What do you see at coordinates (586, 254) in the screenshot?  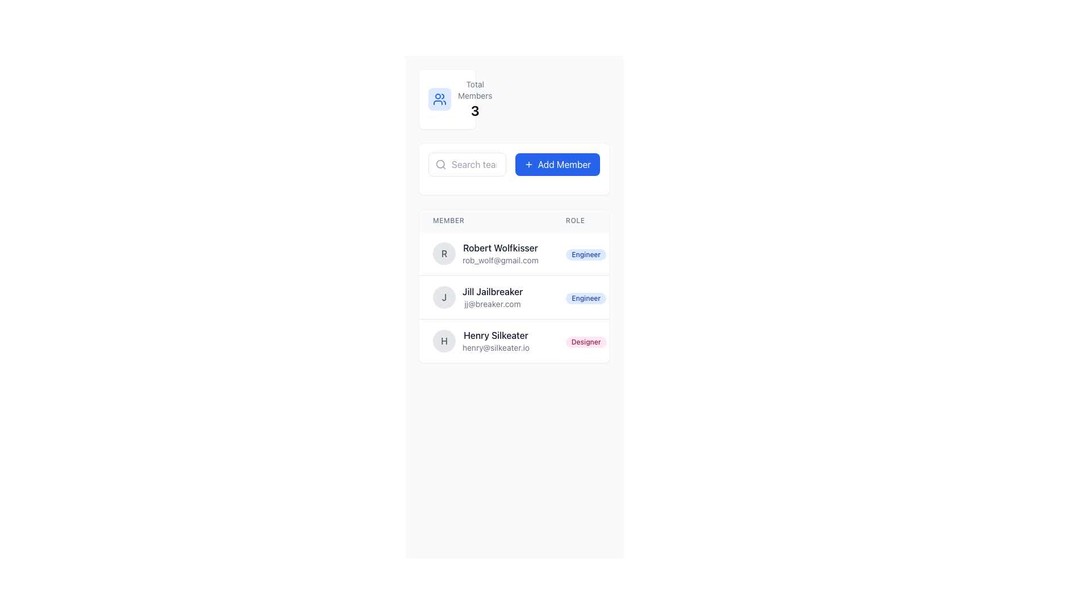 I see `the non-interactive label indicating the role of a member in the list, located in the 'ROLE' column of the first row next to 'Robert Wolfkisser'` at bounding box center [586, 254].